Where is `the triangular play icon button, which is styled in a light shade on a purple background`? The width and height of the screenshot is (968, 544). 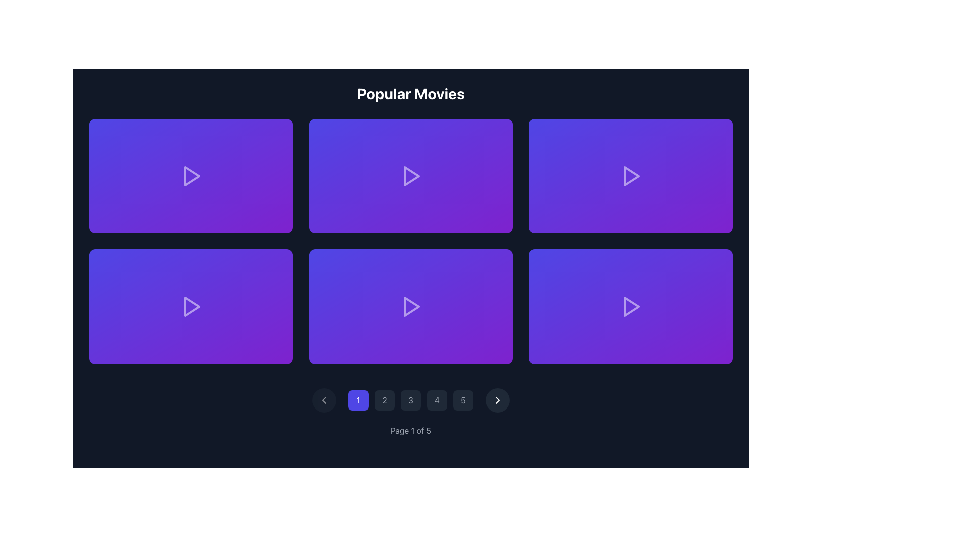
the triangular play icon button, which is styled in a light shade on a purple background is located at coordinates (191, 306).